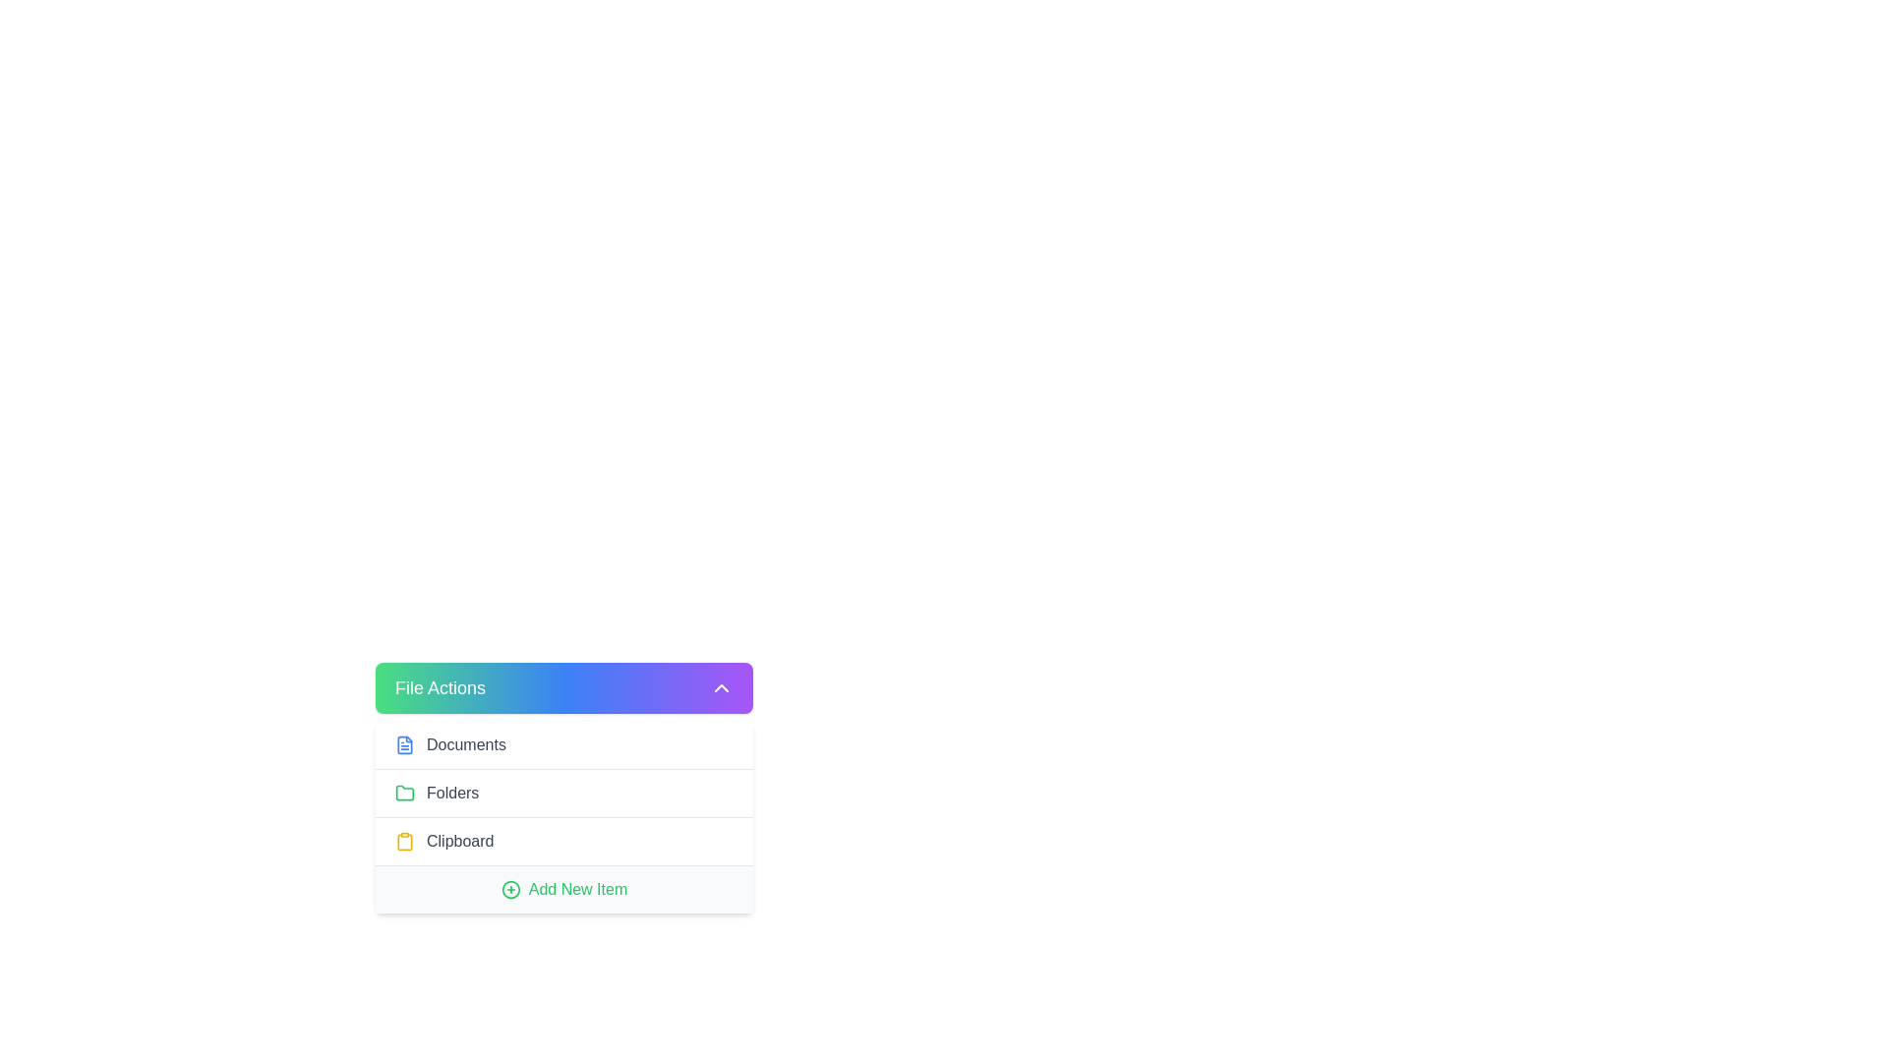 The image size is (1888, 1062). Describe the element at coordinates (721, 686) in the screenshot. I see `the Chevron Up icon located at the far right end of the 'File Actions' button` at that location.